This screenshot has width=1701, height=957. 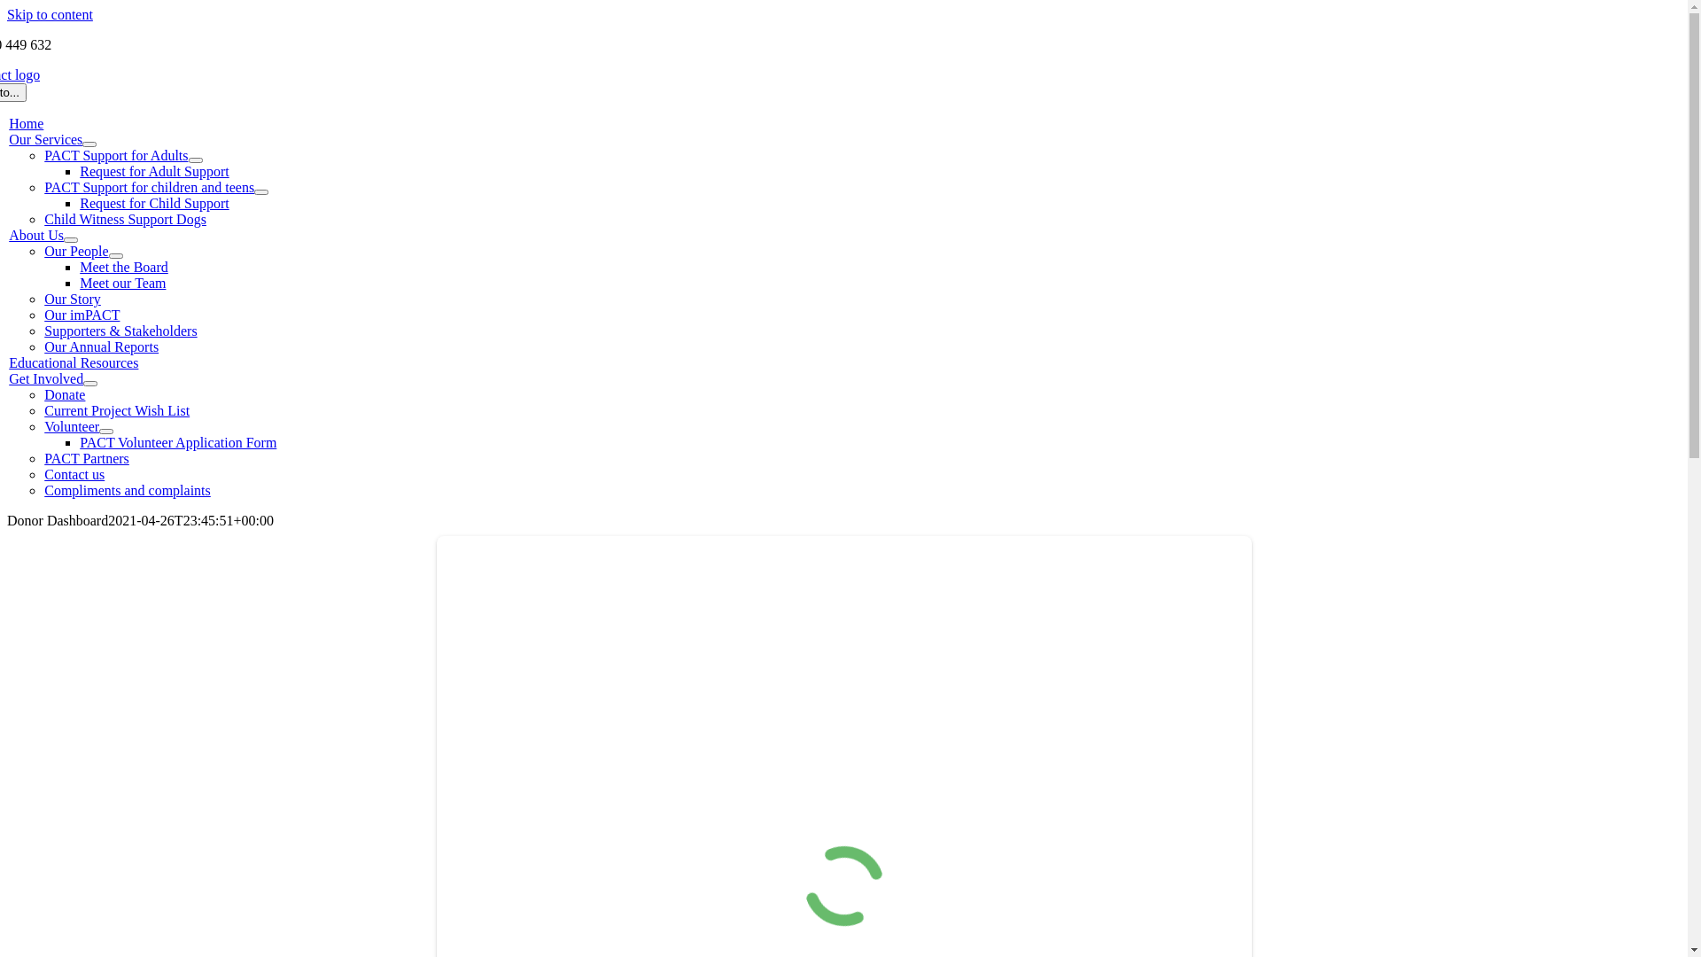 I want to click on 'Supporters & Stakeholders', so click(x=119, y=331).